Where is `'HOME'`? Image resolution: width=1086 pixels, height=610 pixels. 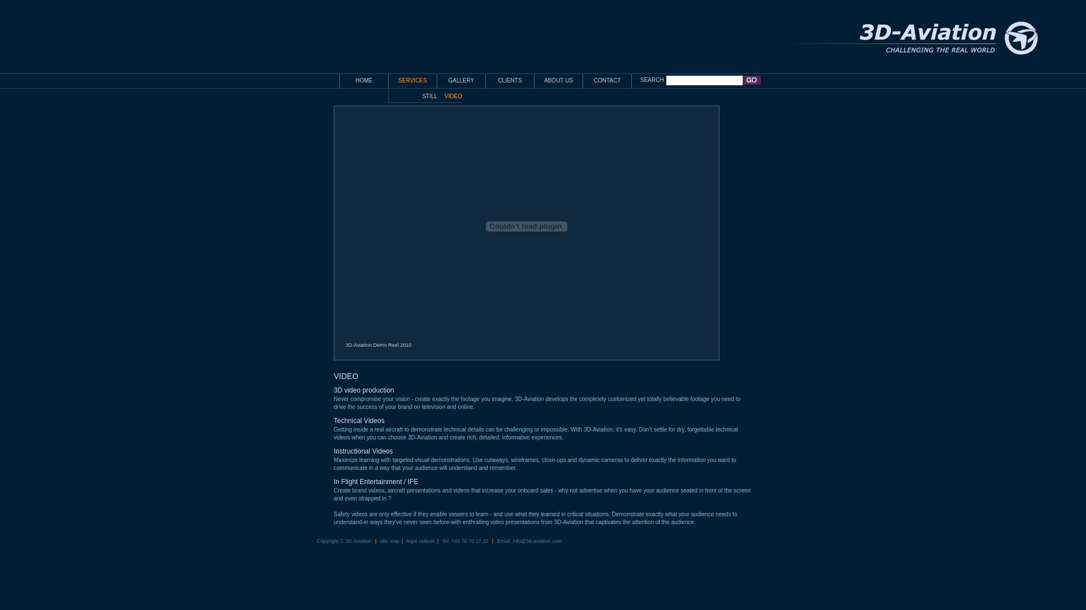
'HOME' is located at coordinates (339, 80).